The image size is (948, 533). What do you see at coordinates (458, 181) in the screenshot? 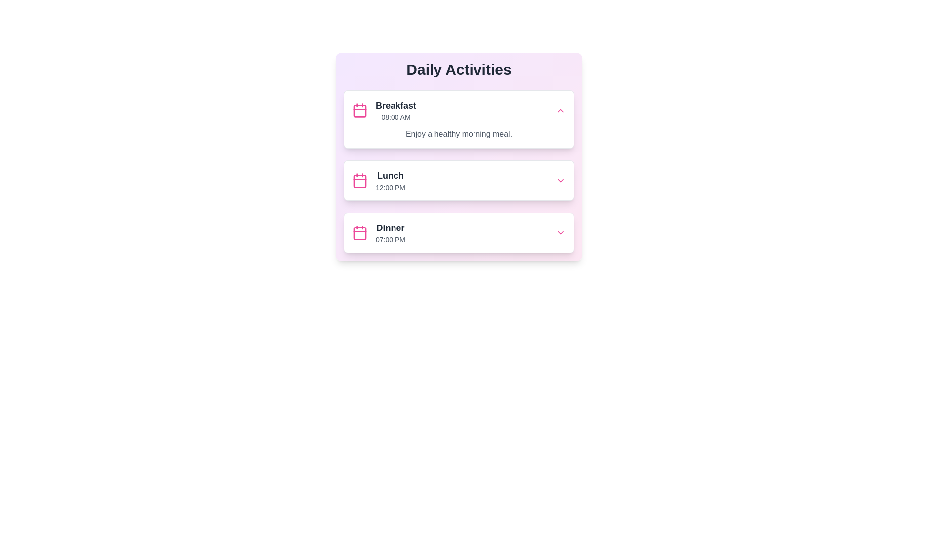
I see `the 'Lunch' card component, which is the second card in the 'Daily Activities' section, identified by its pink calendar icon and chevron arrow` at bounding box center [458, 181].